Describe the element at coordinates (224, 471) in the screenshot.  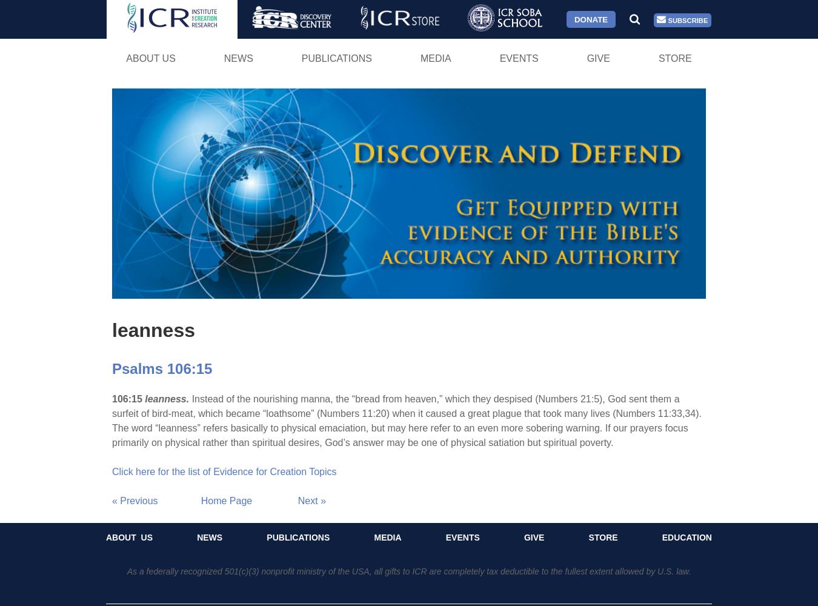
I see `'Click here for the list of Evidence for Creation Topics'` at that location.